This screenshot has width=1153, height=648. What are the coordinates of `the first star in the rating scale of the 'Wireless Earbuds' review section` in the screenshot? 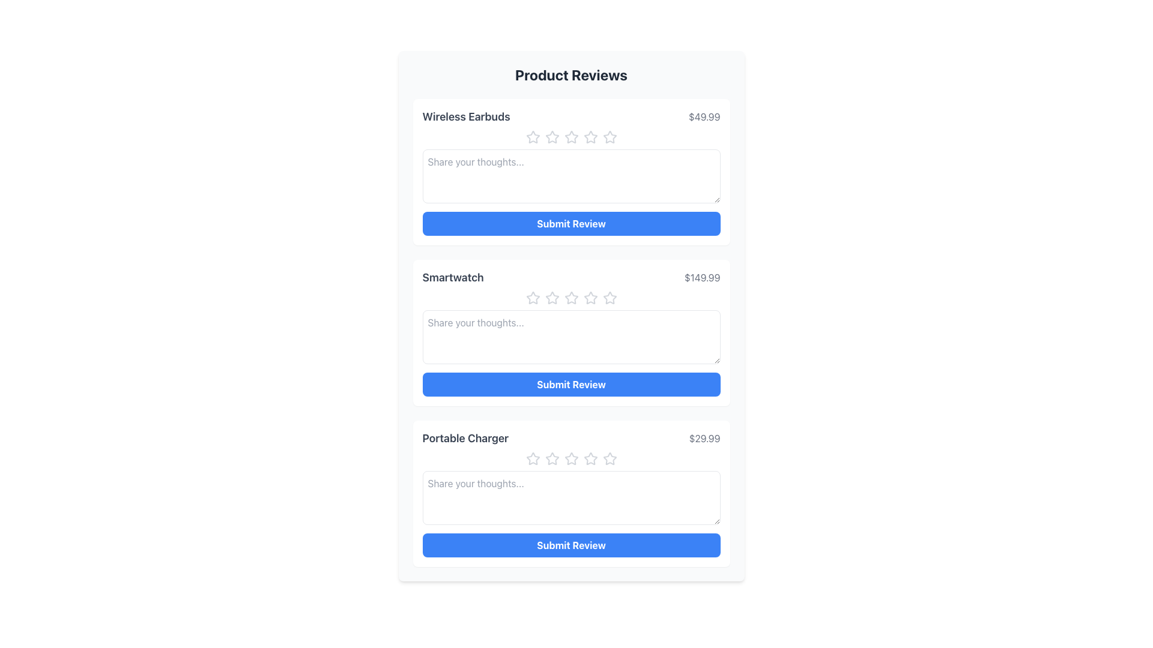 It's located at (532, 136).